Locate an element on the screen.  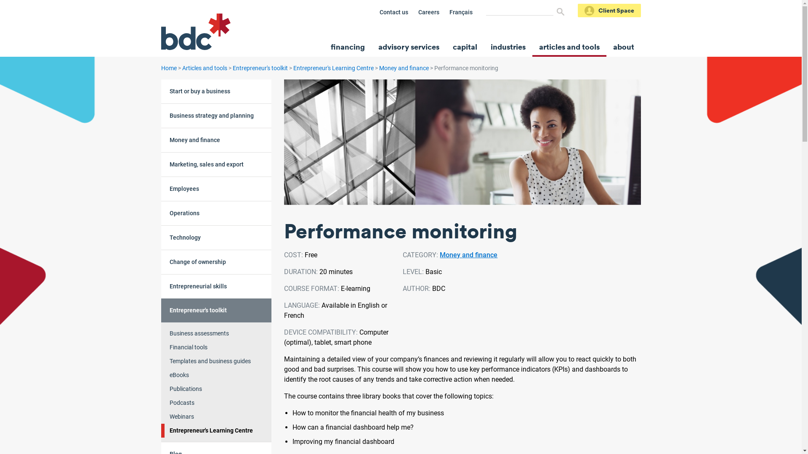
'Webinars' is located at coordinates (216, 417).